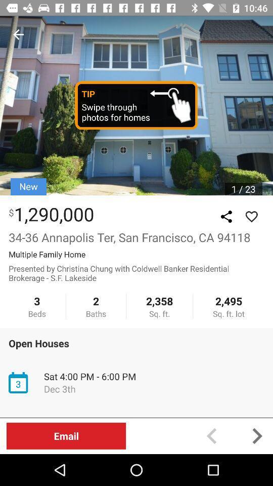  I want to click on back, so click(211, 435).